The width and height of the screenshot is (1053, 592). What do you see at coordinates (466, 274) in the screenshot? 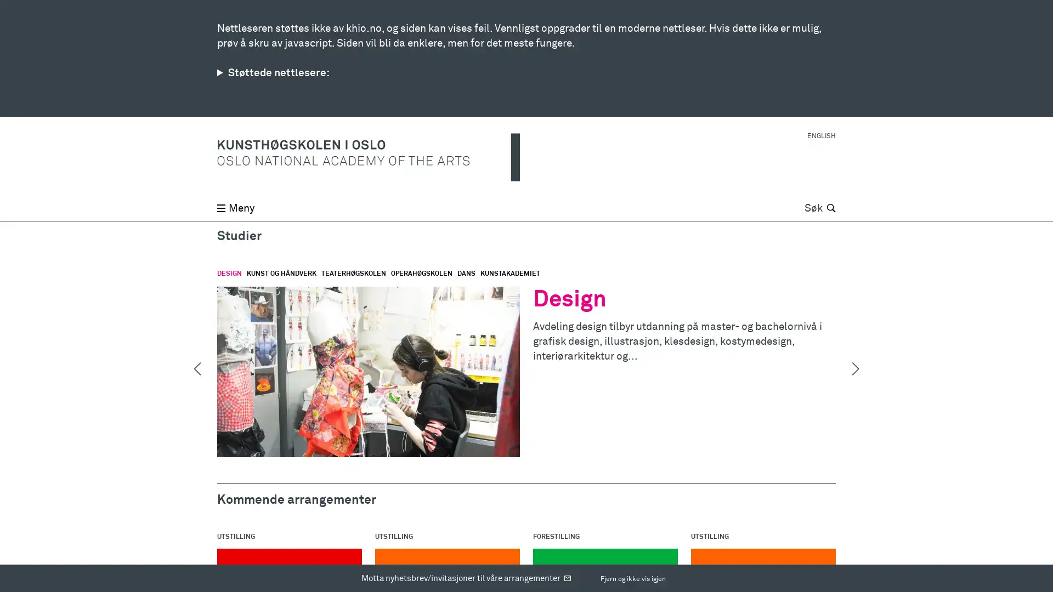
I see `DANS` at bounding box center [466, 274].